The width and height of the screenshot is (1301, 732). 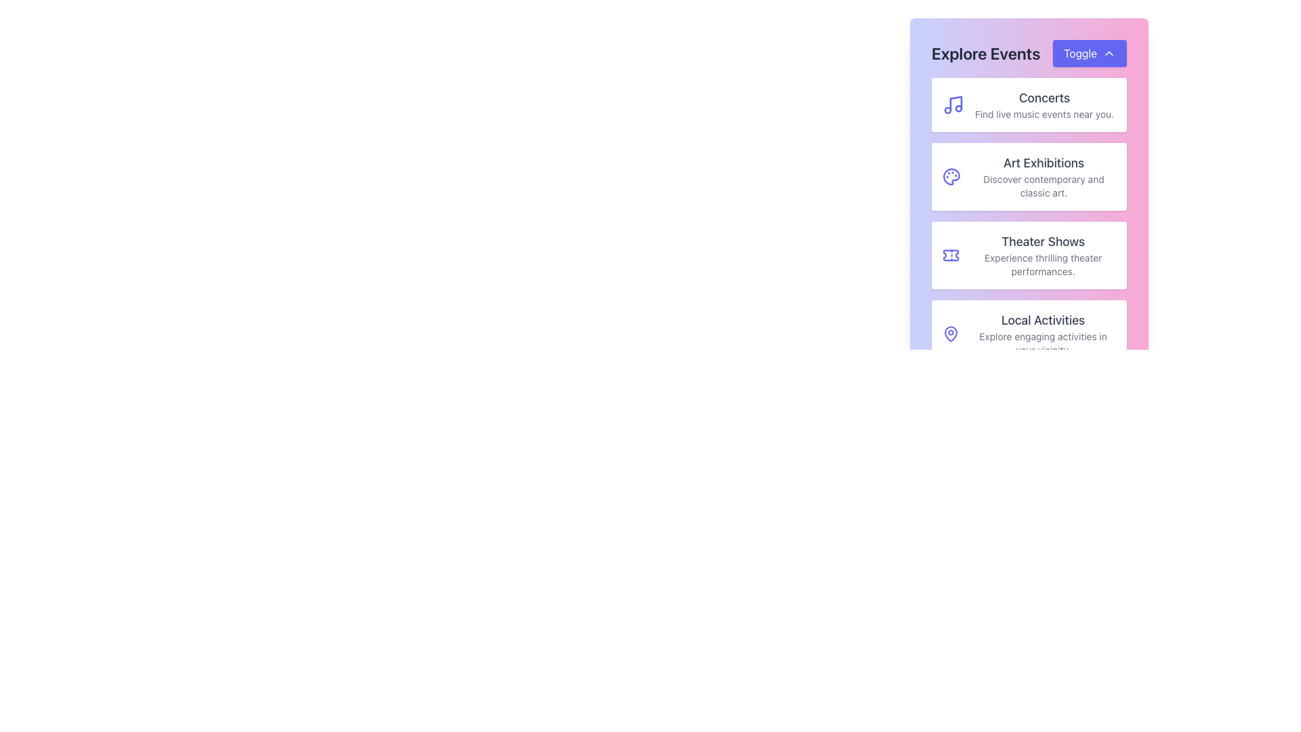 I want to click on descriptive text label located below the 'Theater Shows' title in the right-side panel of the interface, so click(x=1042, y=264).